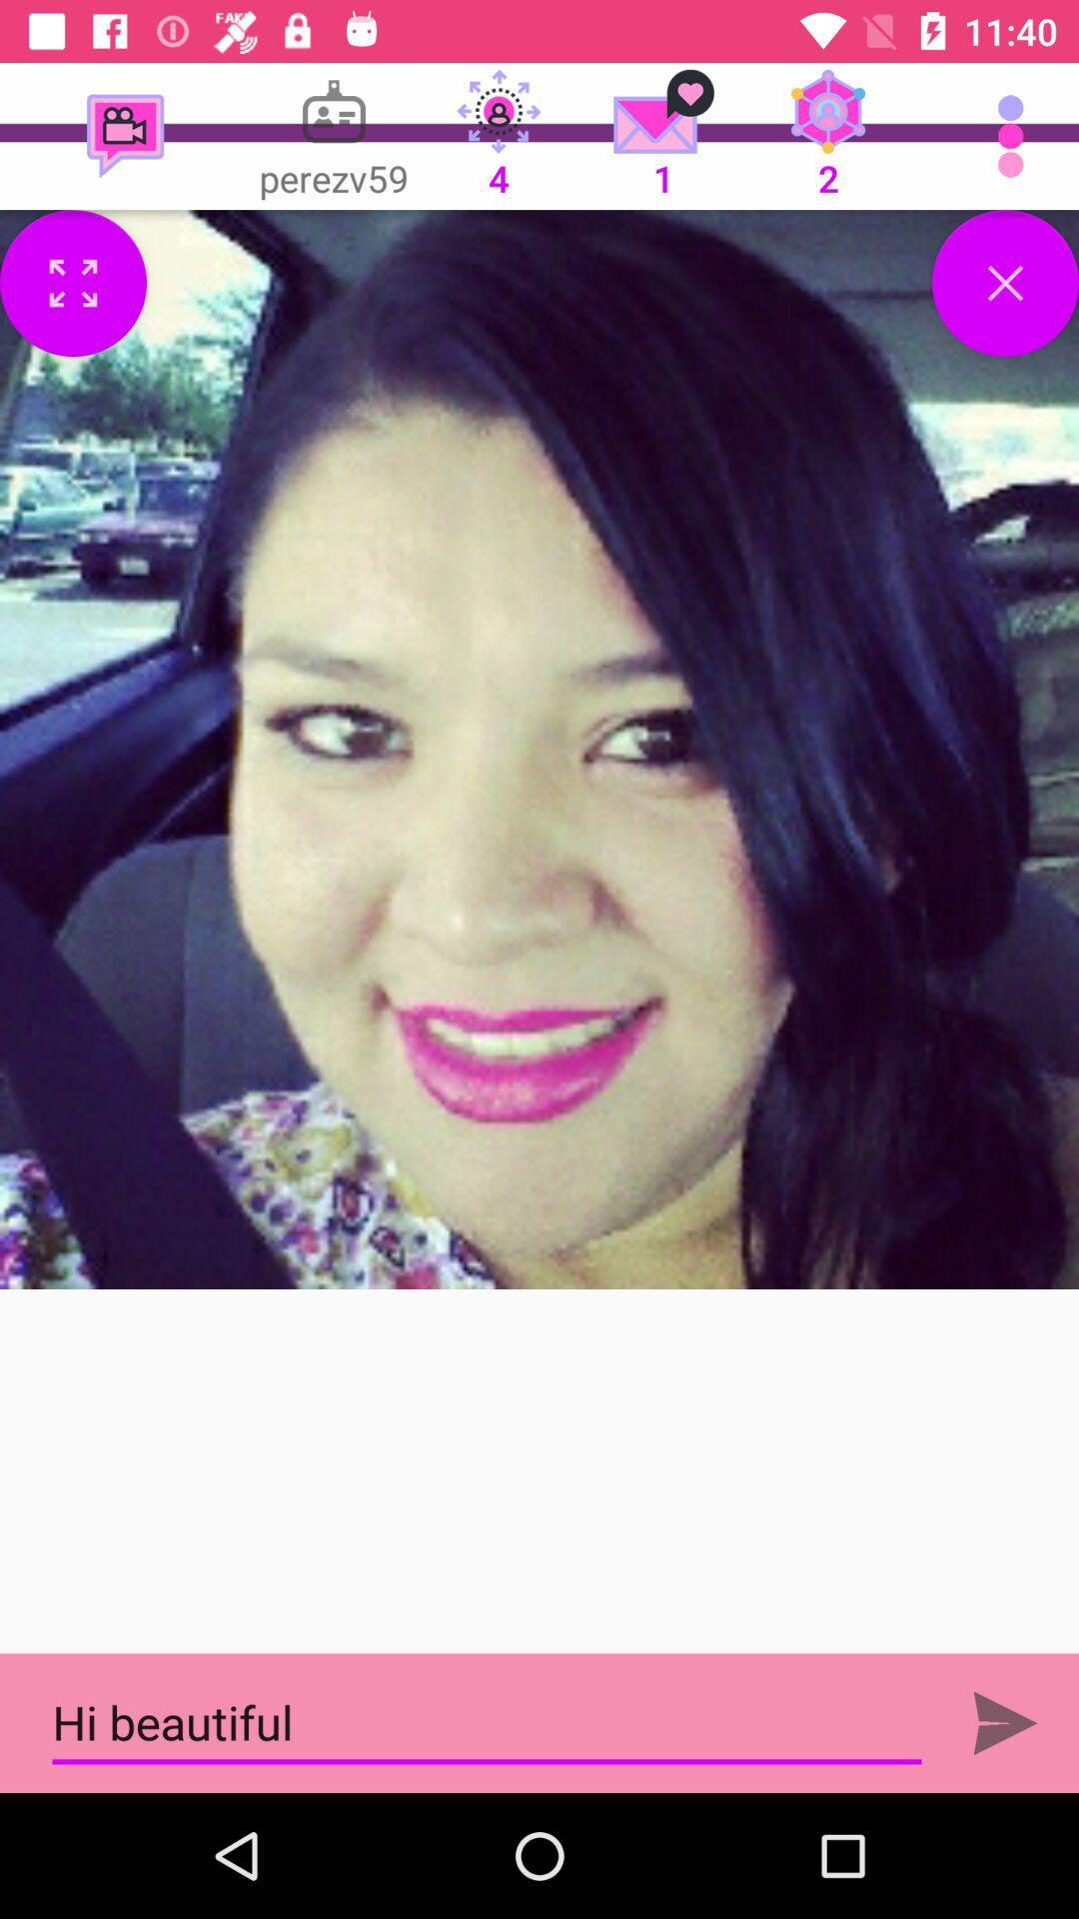 The width and height of the screenshot is (1079, 1919). Describe the element at coordinates (1005, 282) in the screenshot. I see `option` at that location.